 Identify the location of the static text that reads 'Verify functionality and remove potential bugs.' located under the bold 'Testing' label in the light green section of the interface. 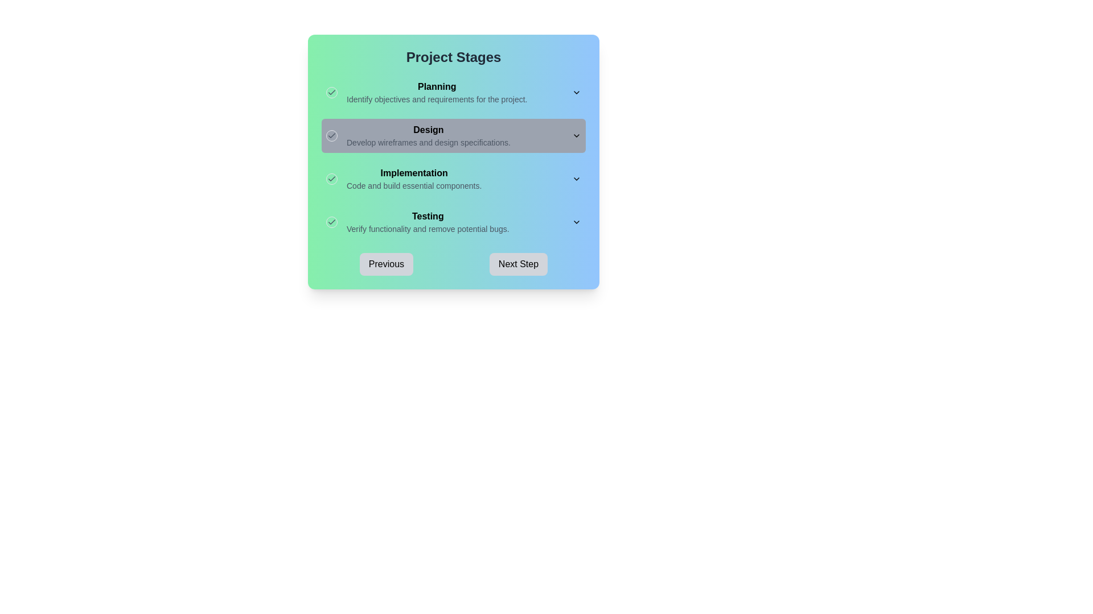
(427, 229).